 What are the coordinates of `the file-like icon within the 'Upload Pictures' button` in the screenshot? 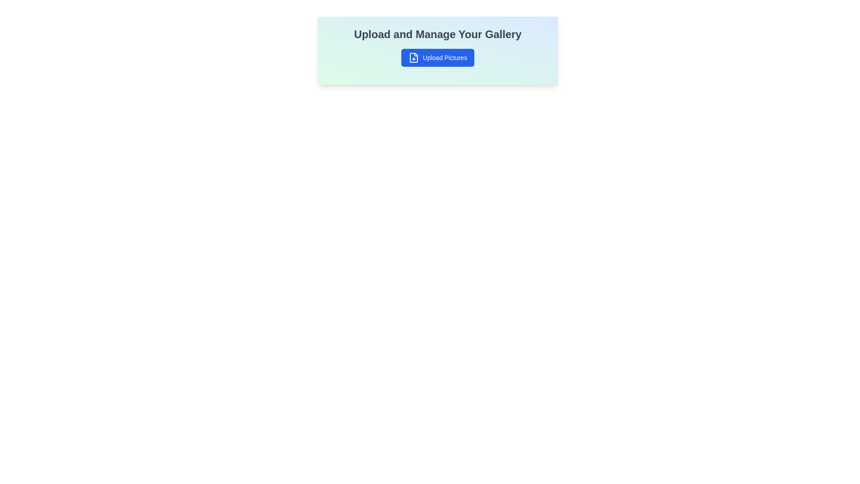 It's located at (413, 57).